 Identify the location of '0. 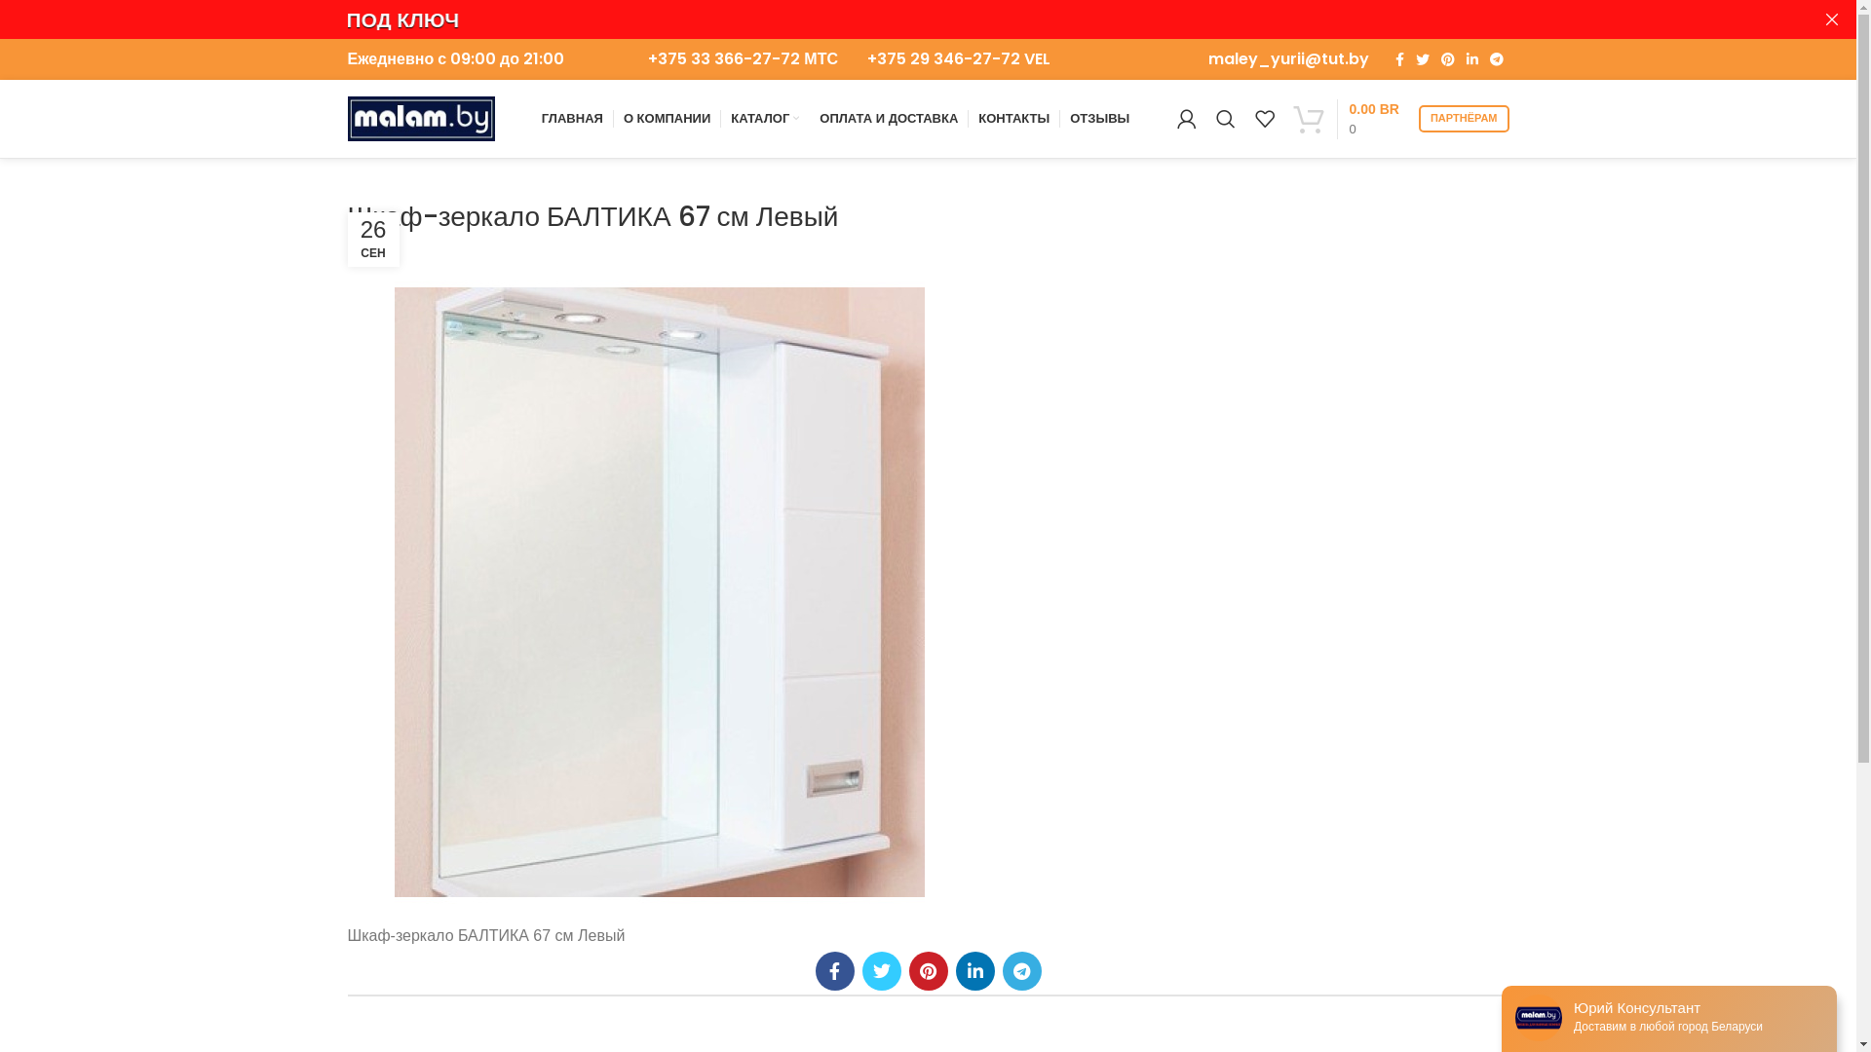
(1346, 119).